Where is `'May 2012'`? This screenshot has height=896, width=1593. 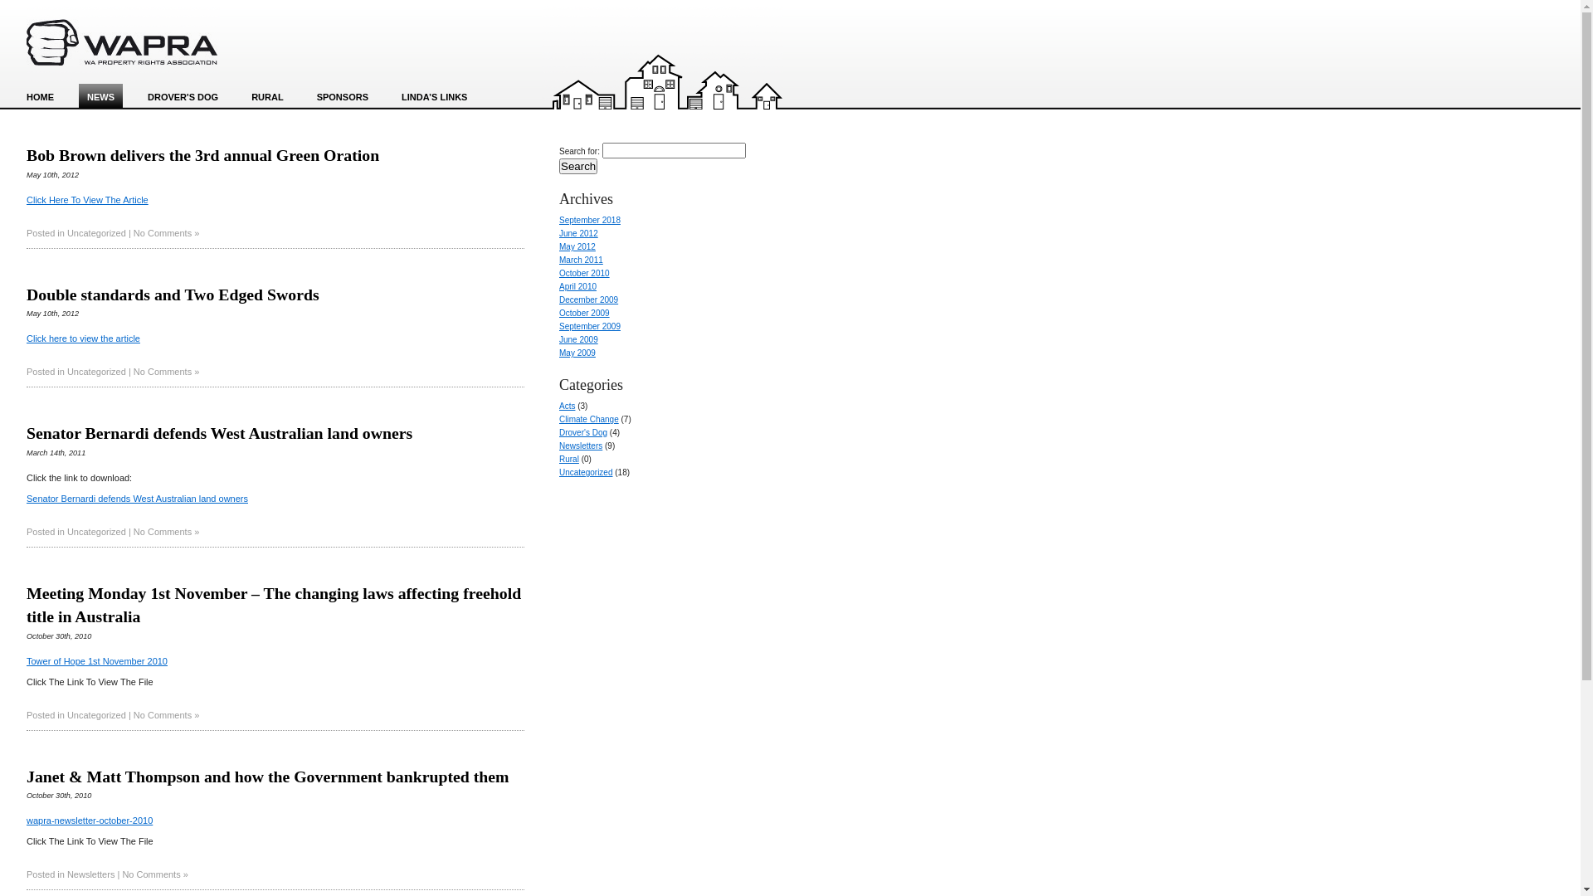 'May 2012' is located at coordinates (577, 246).